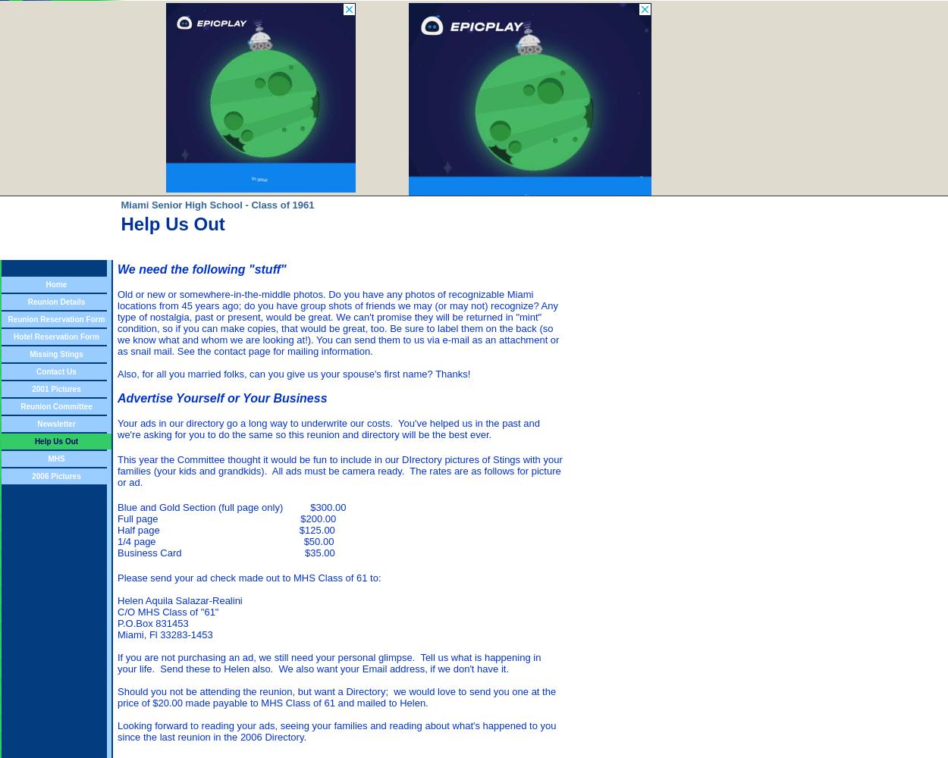  I want to click on 'This year the Committee thought it would be fun to include in our DIrectory pictures of Stings with your families
                           (your kids and grandkids).  All ads must be camera ready.  The rates are as follows for picture or ad.', so click(339, 470).